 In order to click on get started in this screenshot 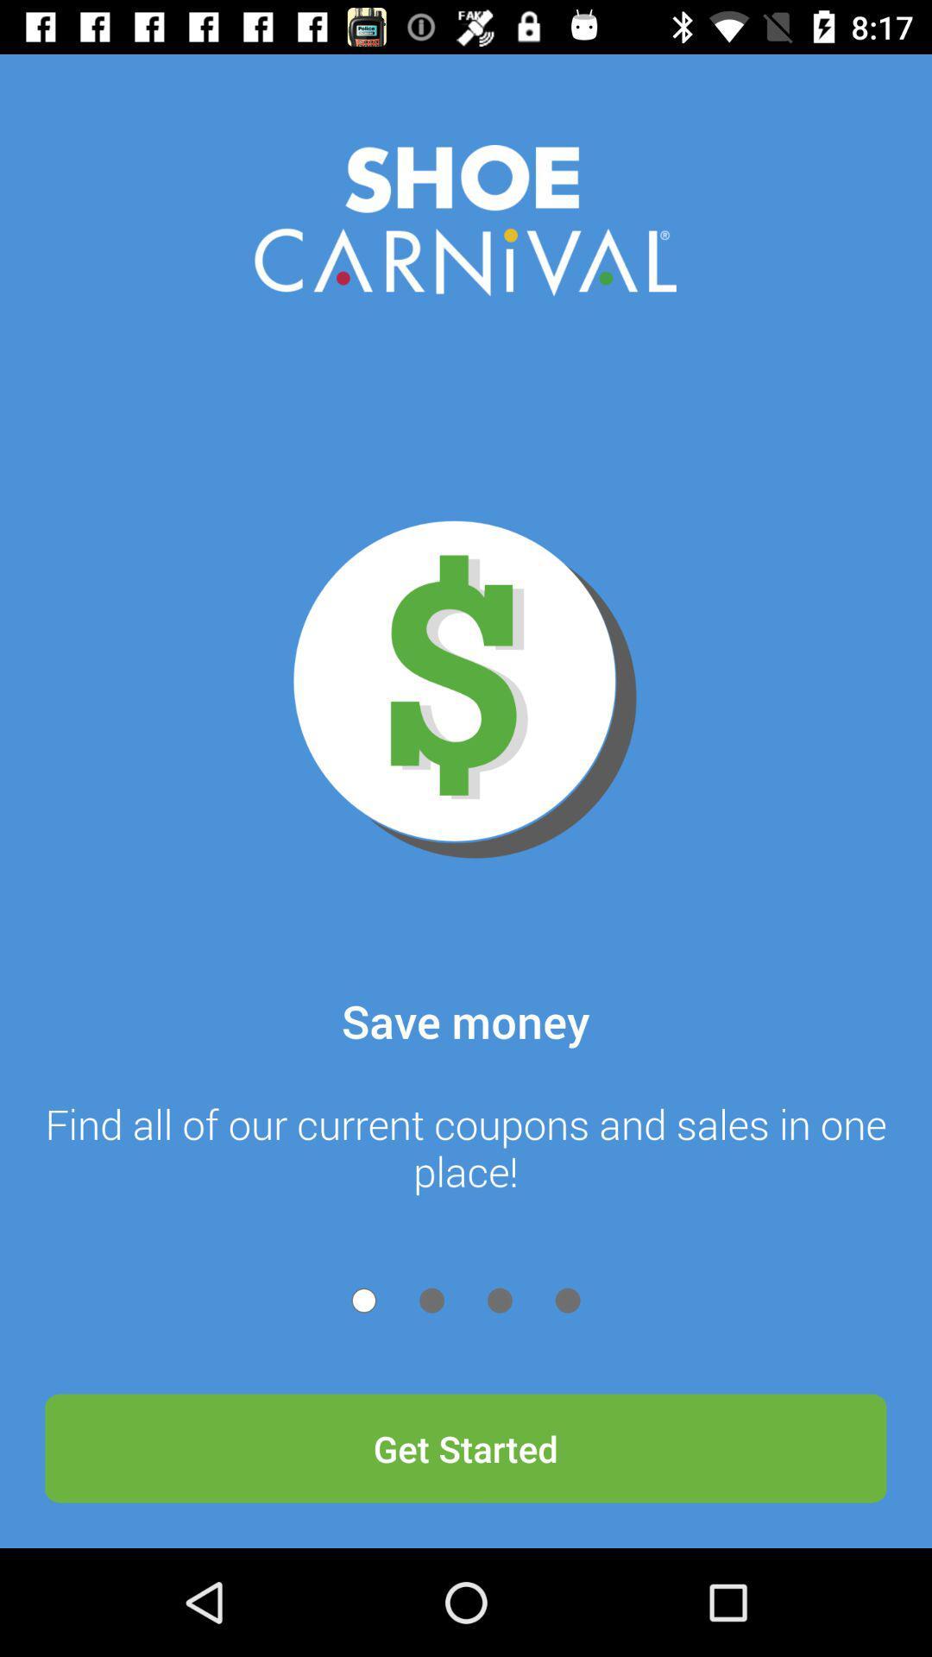, I will do `click(466, 1448)`.